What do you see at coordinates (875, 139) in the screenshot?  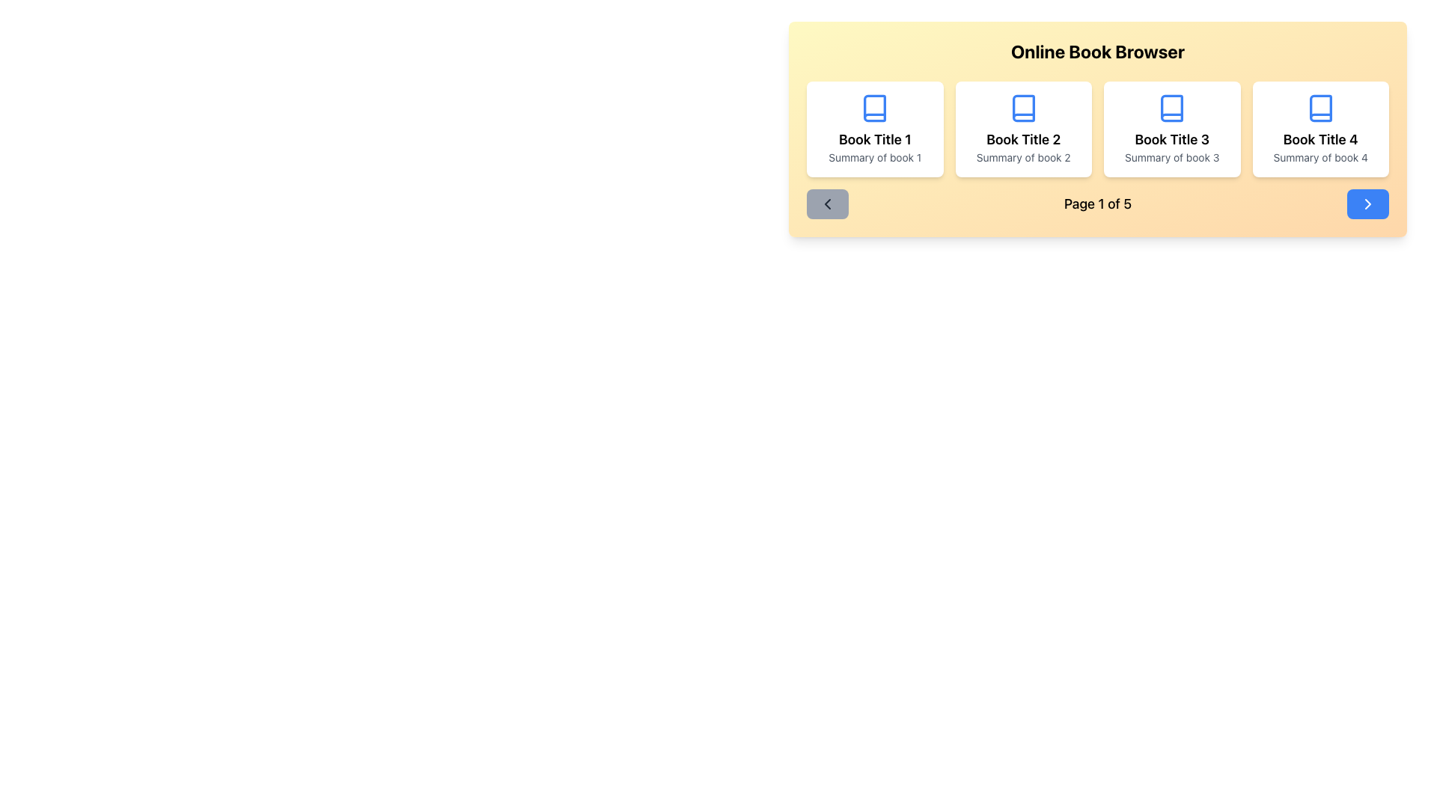 I see `text from the title label indicating the name of a book, which is centrally located beneath a book icon and above the 'Summary of book 1' label` at bounding box center [875, 139].